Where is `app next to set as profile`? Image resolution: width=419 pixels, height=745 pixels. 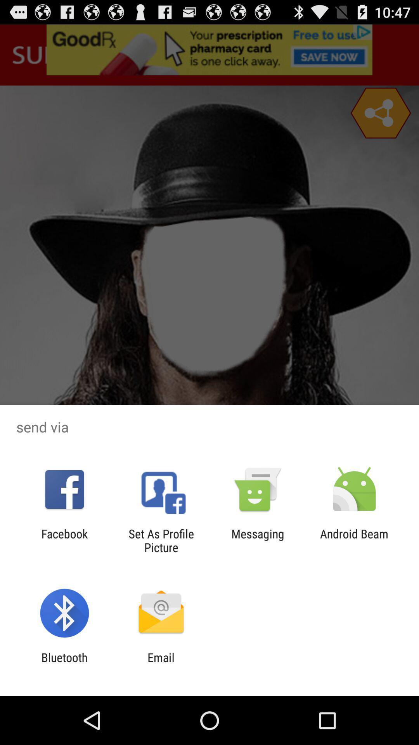 app next to set as profile is located at coordinates (64, 540).